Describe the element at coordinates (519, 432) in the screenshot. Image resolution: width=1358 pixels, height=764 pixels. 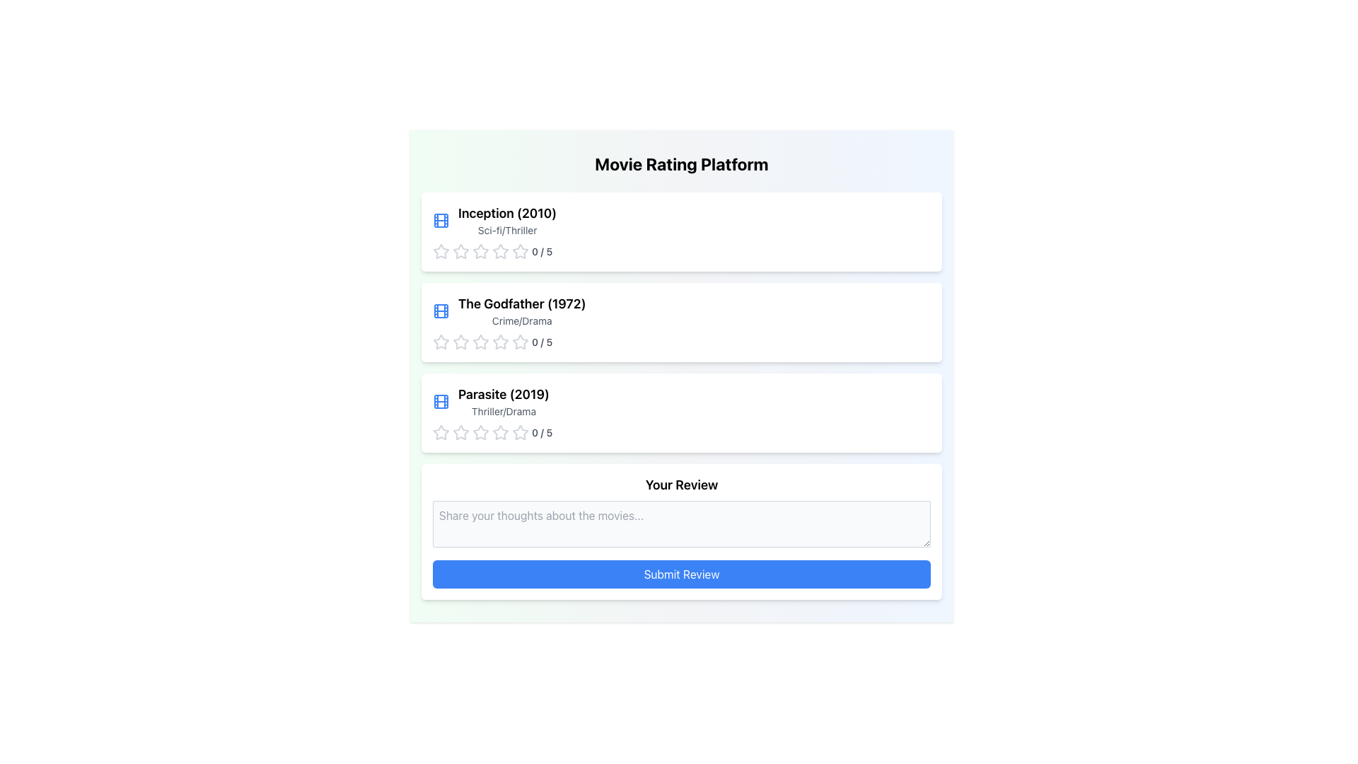
I see `the second star-shaped icon in the rating interface below the text 'Parasite (2019)' to rate it` at that location.